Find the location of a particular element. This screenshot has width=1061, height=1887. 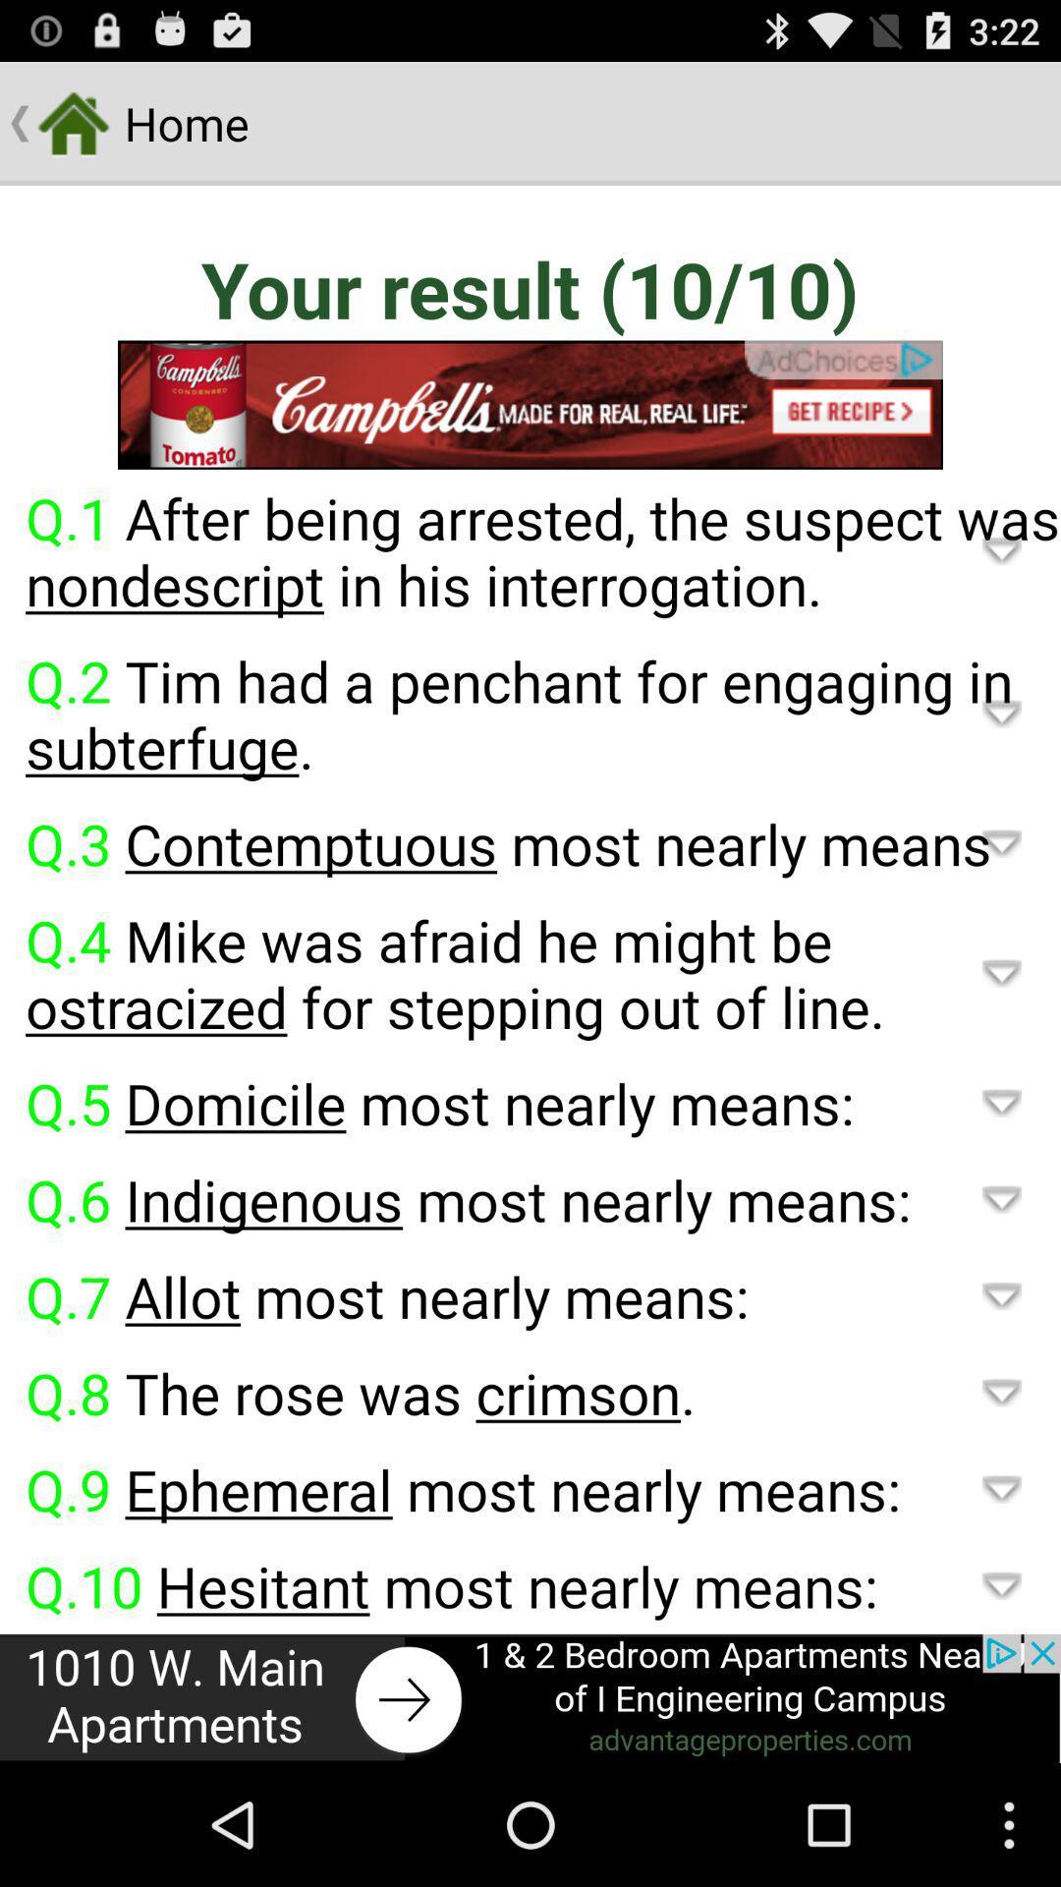

advertisement is located at coordinates (530, 1697).